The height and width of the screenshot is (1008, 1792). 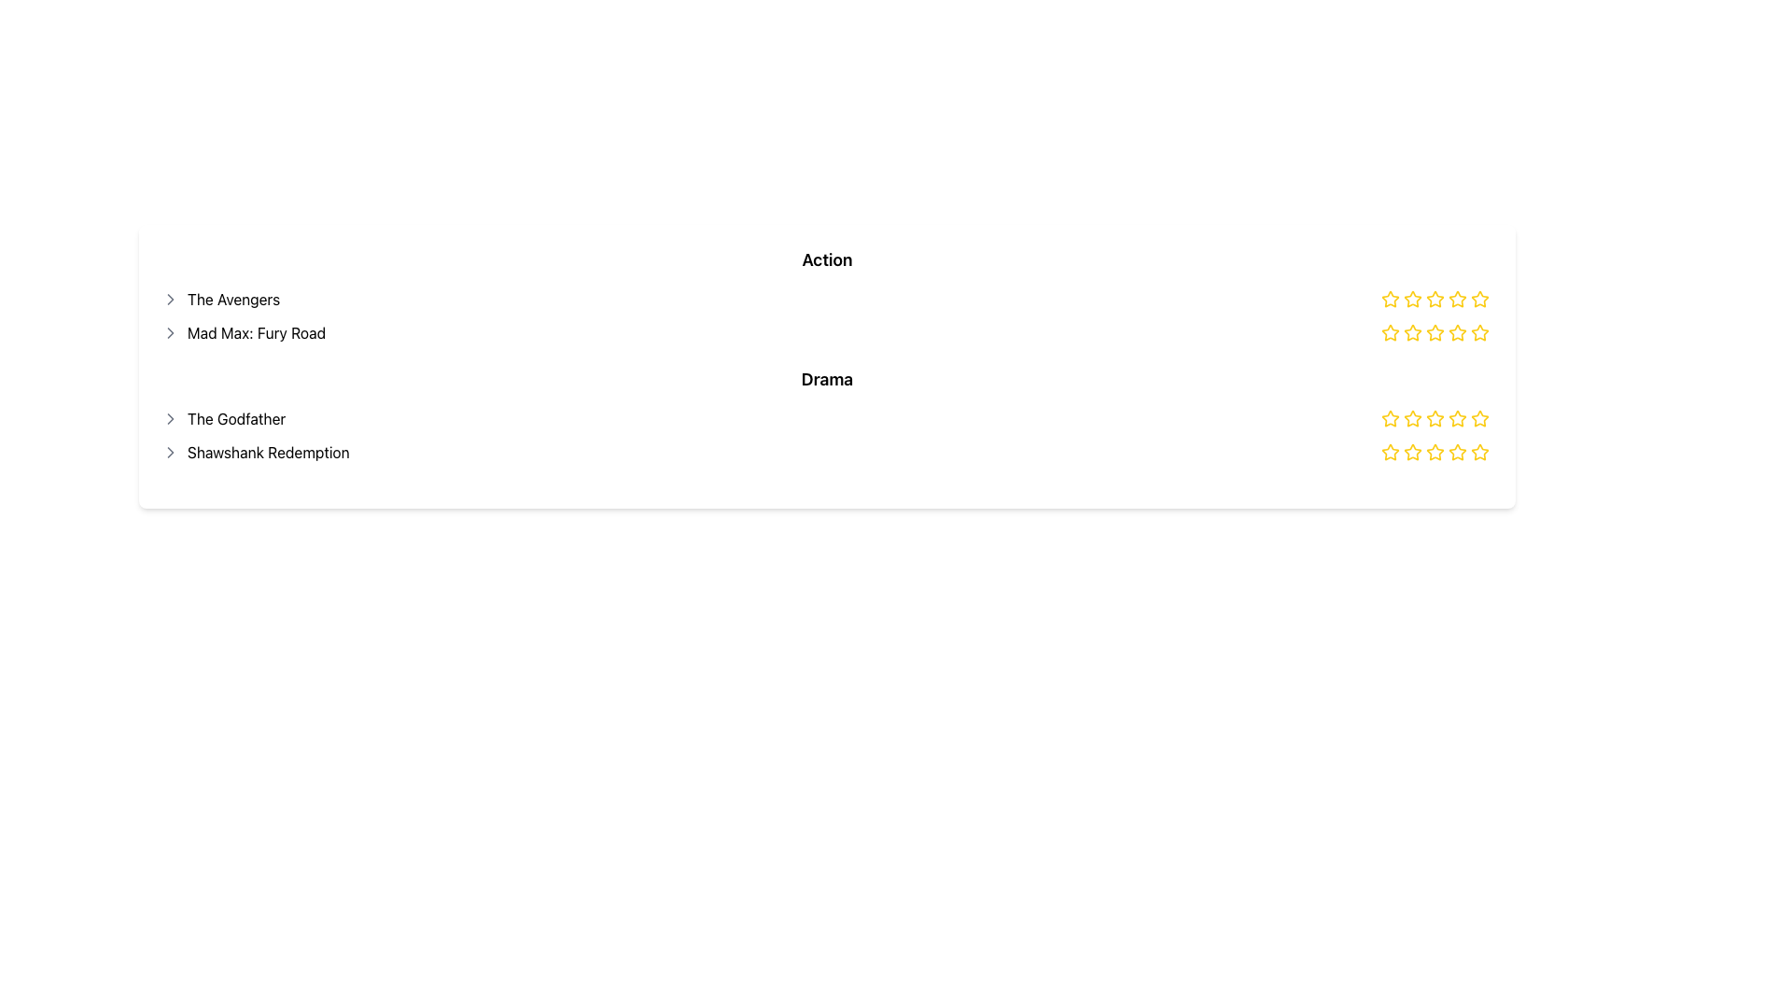 What do you see at coordinates (1455, 416) in the screenshot?
I see `the fourth star in the third row of yellow-bordered, hollow white star icons to rate 'The Godfather' under the 'Drama' category` at bounding box center [1455, 416].